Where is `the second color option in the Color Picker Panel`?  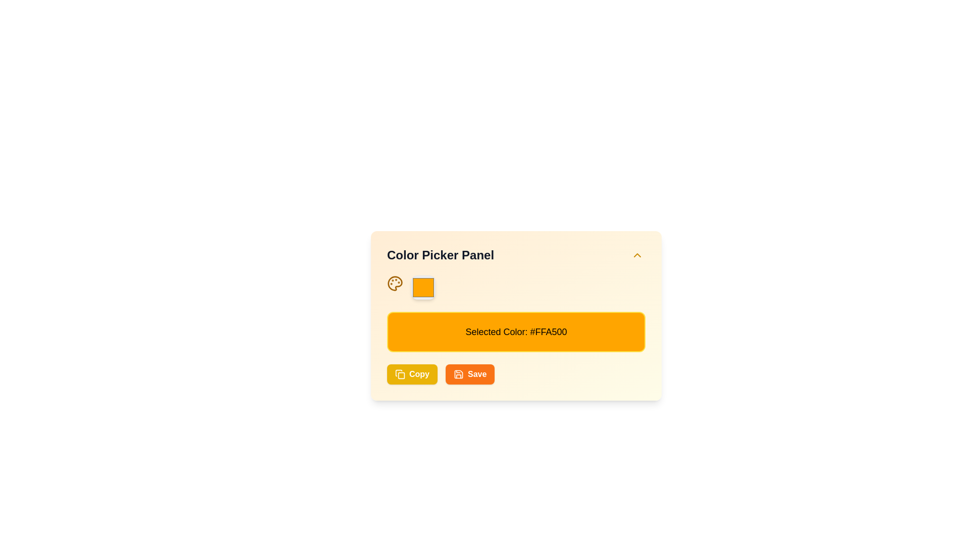 the second color option in the Color Picker Panel is located at coordinates (423, 288).